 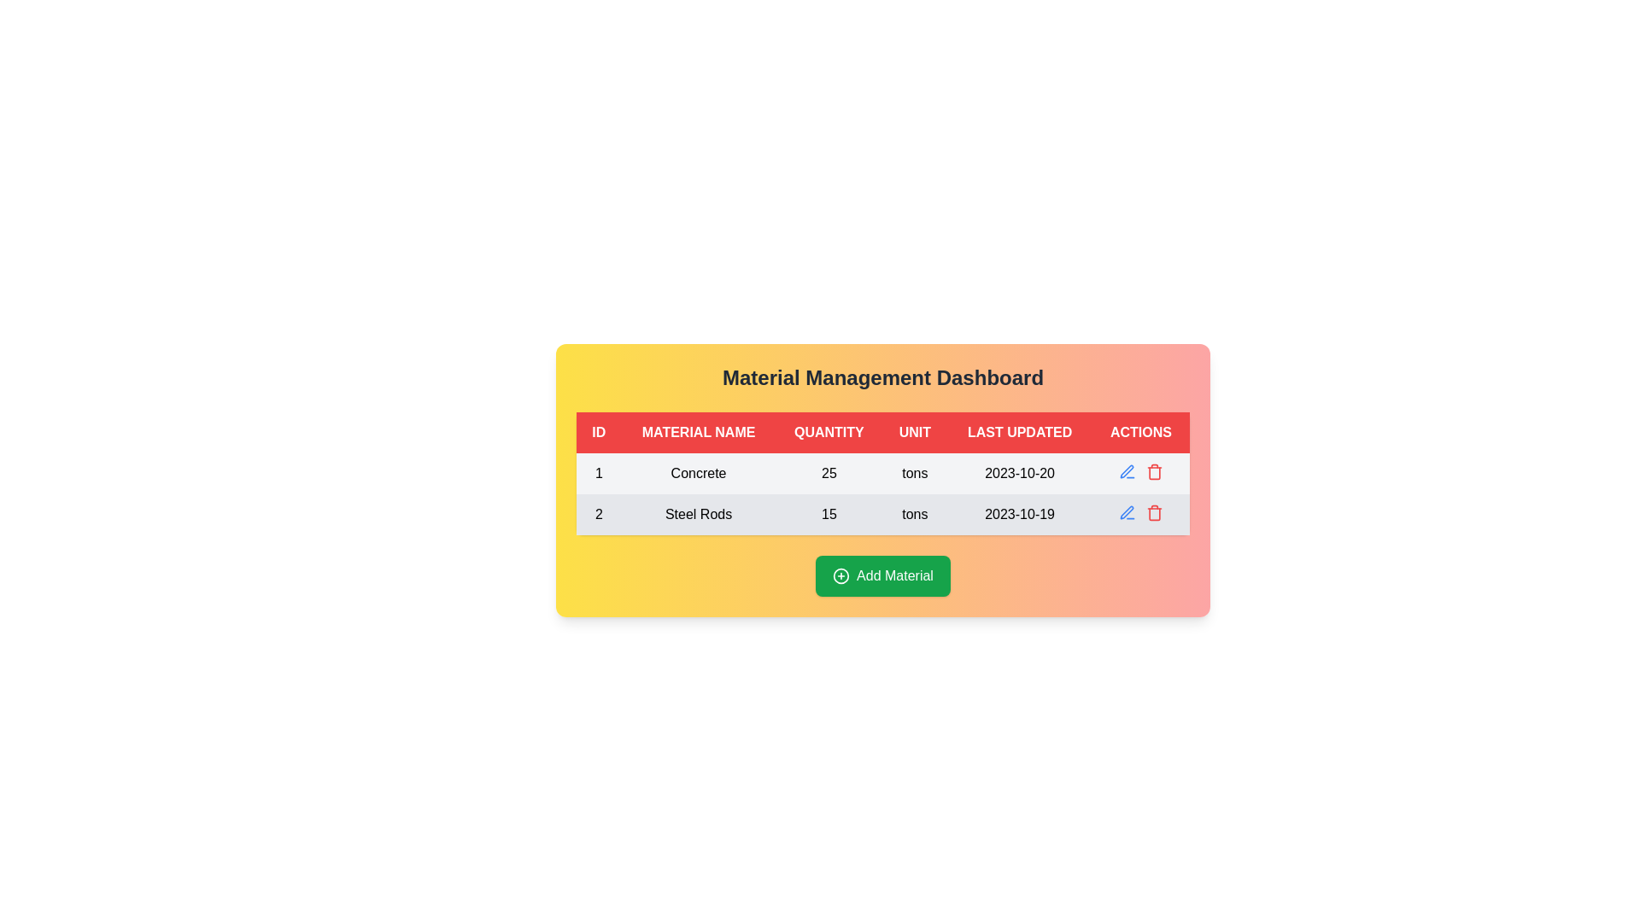 I want to click on text content of the ID element located in the first cell of the second row of the table, which represents the item 'Steel Rods', so click(x=599, y=513).